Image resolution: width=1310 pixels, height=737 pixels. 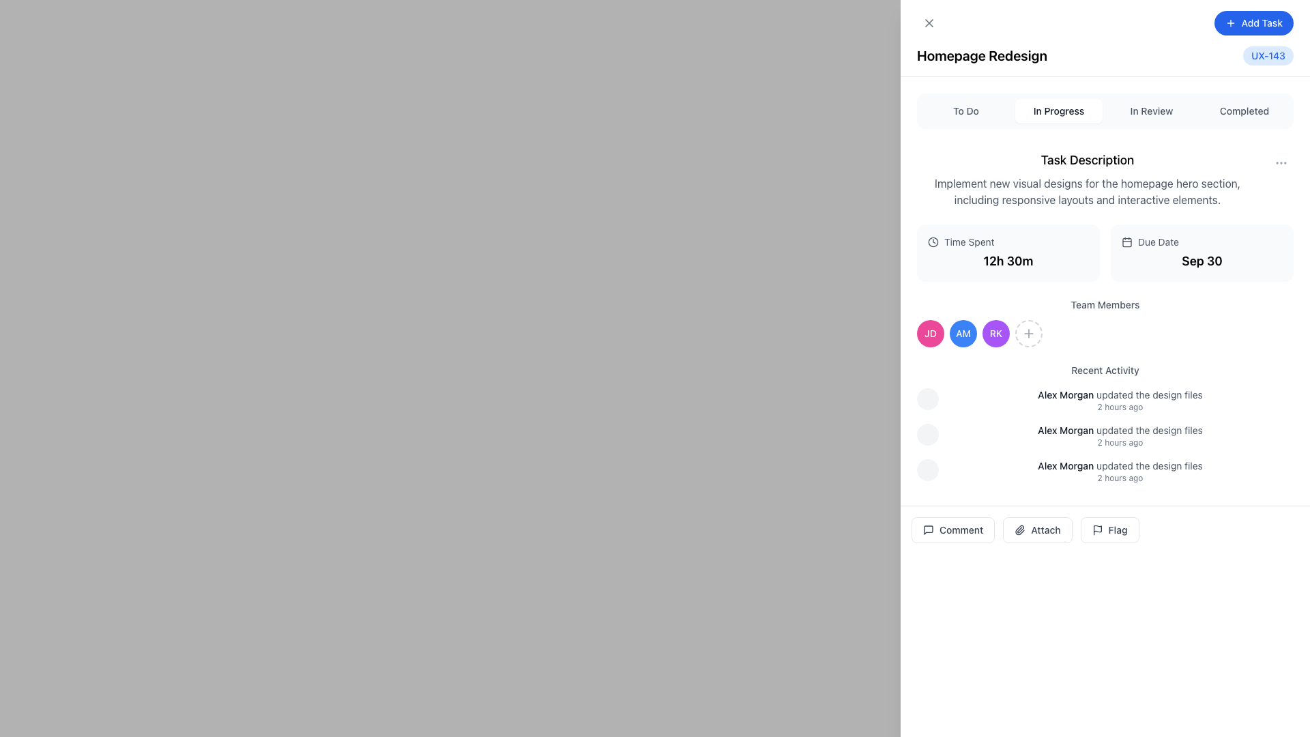 What do you see at coordinates (1105, 529) in the screenshot?
I see `the 'Flag' button, which has a light gray background and a flag icon, located as the third button from the left in a horizontal row at the bottom of the interface` at bounding box center [1105, 529].